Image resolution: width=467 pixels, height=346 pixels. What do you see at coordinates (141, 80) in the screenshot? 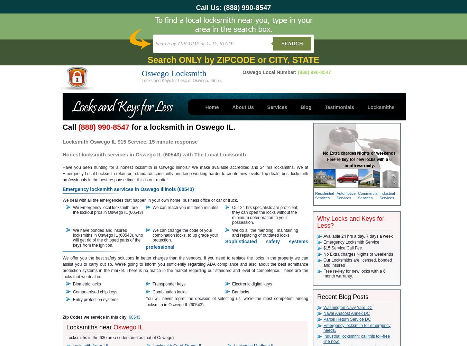
I see `'Locks and Keys for Less of Oswego, Illinois'` at bounding box center [141, 80].